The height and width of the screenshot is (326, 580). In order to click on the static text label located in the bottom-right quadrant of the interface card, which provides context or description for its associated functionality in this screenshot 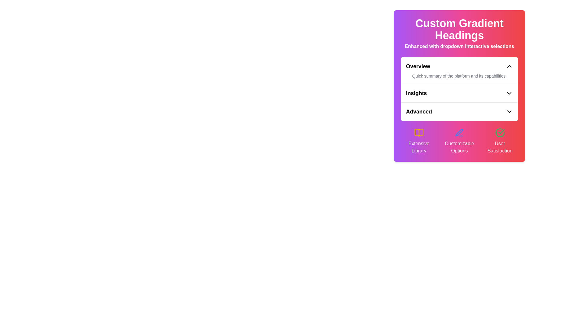, I will do `click(459, 147)`.